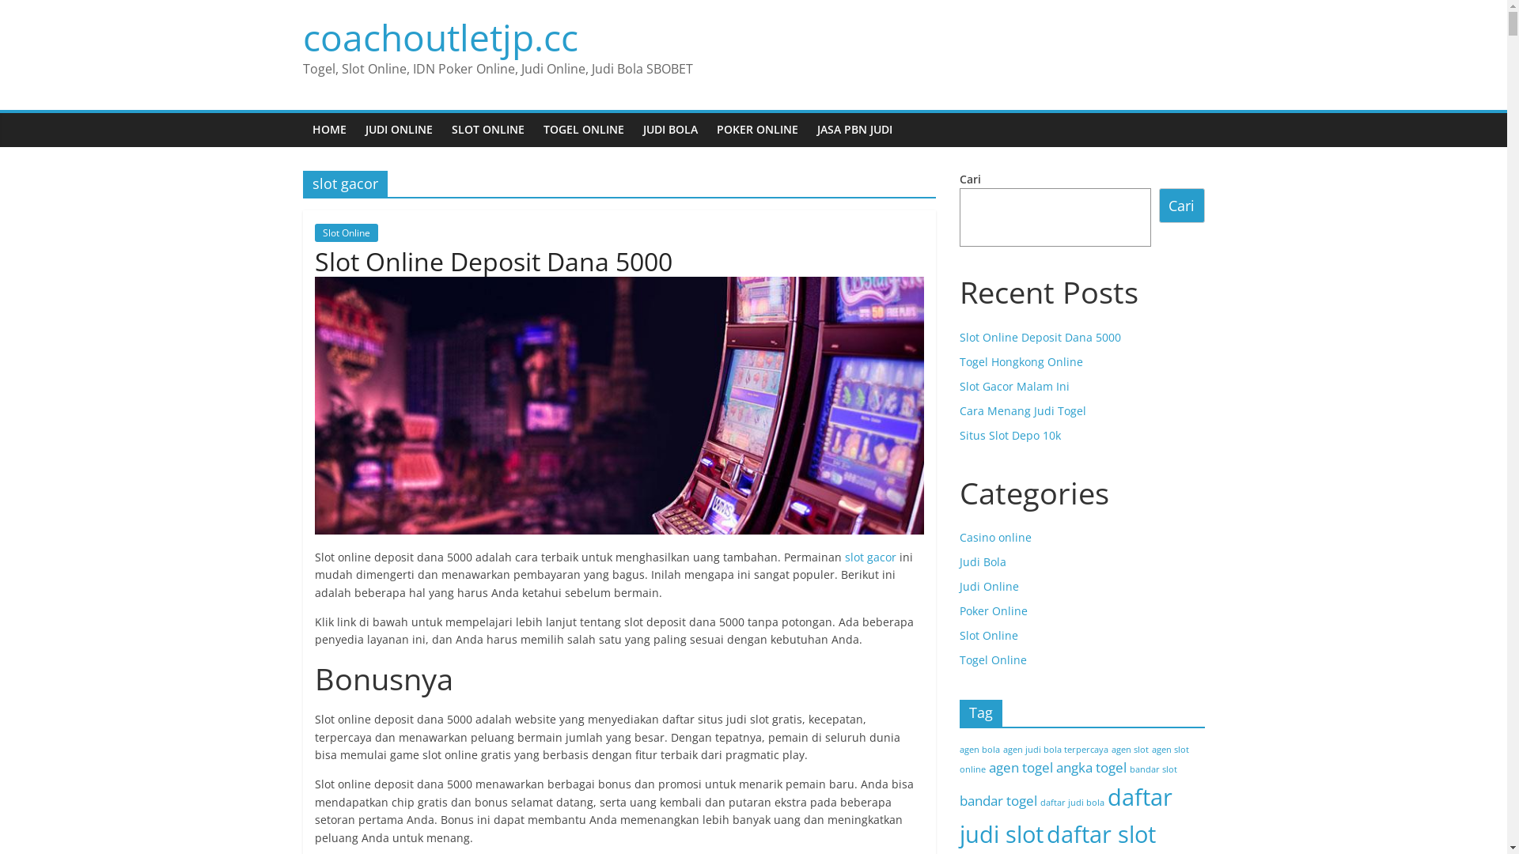 This screenshot has width=1519, height=854. Describe the element at coordinates (1074, 758) in the screenshot. I see `'agen slot online'` at that location.